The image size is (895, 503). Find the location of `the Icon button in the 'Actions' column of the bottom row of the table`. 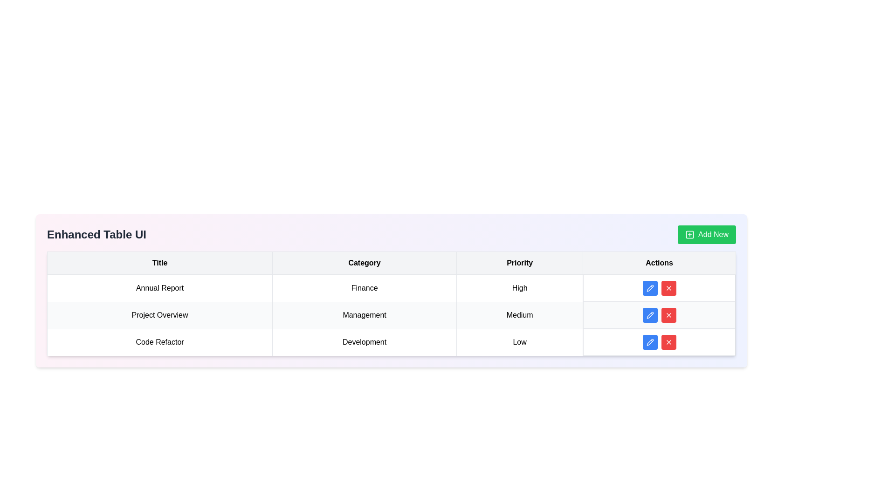

the Icon button in the 'Actions' column of the bottom row of the table is located at coordinates (649, 315).